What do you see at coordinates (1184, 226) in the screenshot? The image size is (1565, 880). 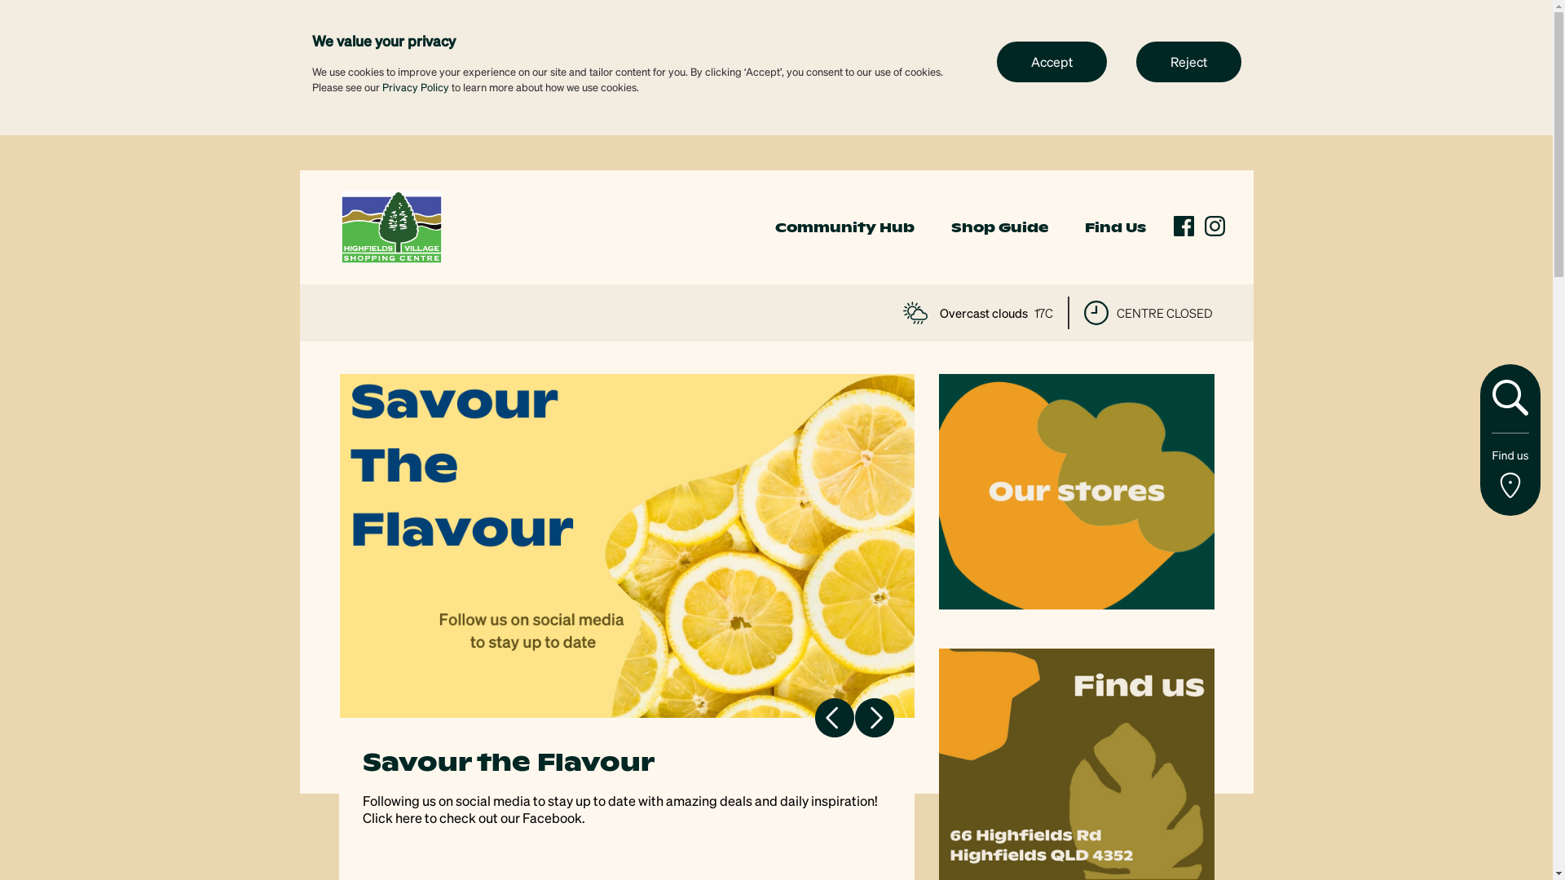 I see `'facebook'` at bounding box center [1184, 226].